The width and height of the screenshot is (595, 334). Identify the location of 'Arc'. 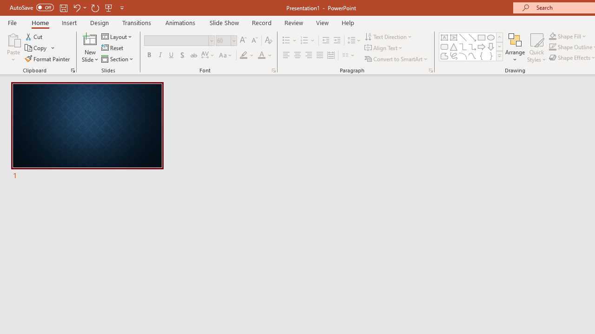
(463, 56).